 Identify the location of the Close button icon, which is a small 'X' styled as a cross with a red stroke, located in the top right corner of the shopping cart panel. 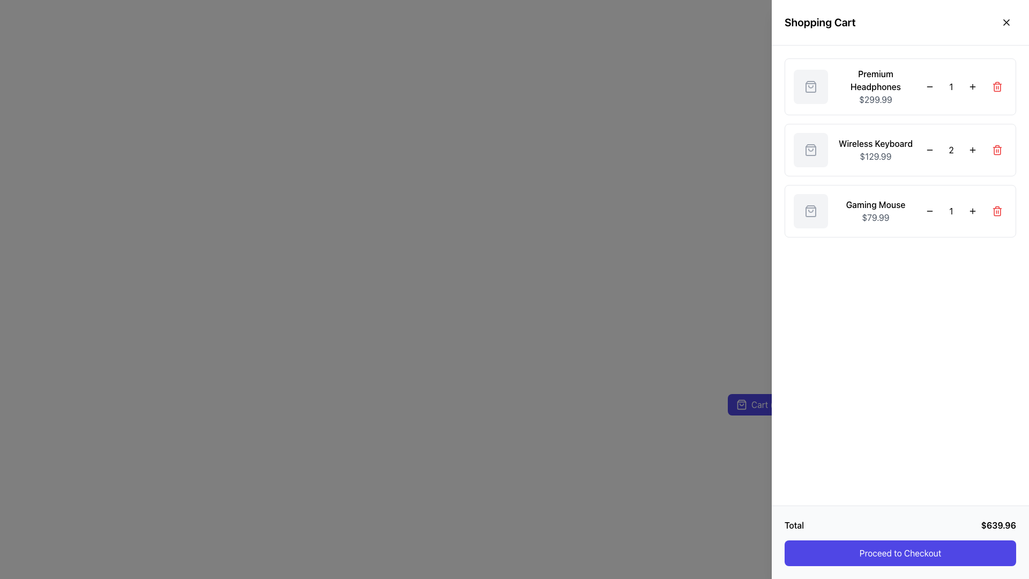
(1005, 23).